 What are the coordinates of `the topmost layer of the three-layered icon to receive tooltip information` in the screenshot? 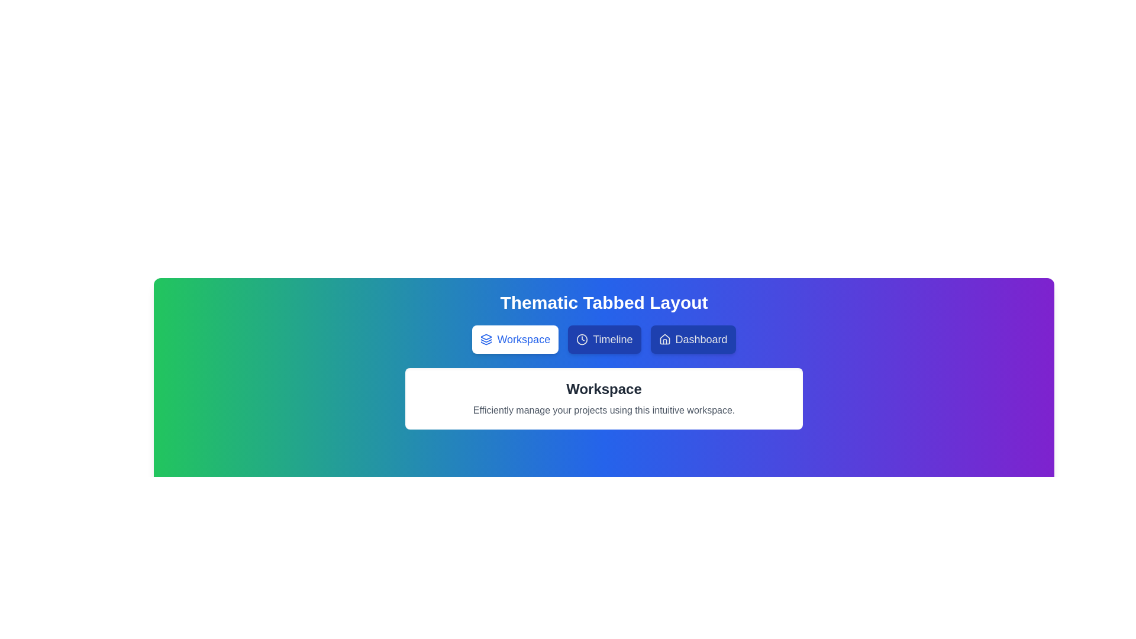 It's located at (486, 337).